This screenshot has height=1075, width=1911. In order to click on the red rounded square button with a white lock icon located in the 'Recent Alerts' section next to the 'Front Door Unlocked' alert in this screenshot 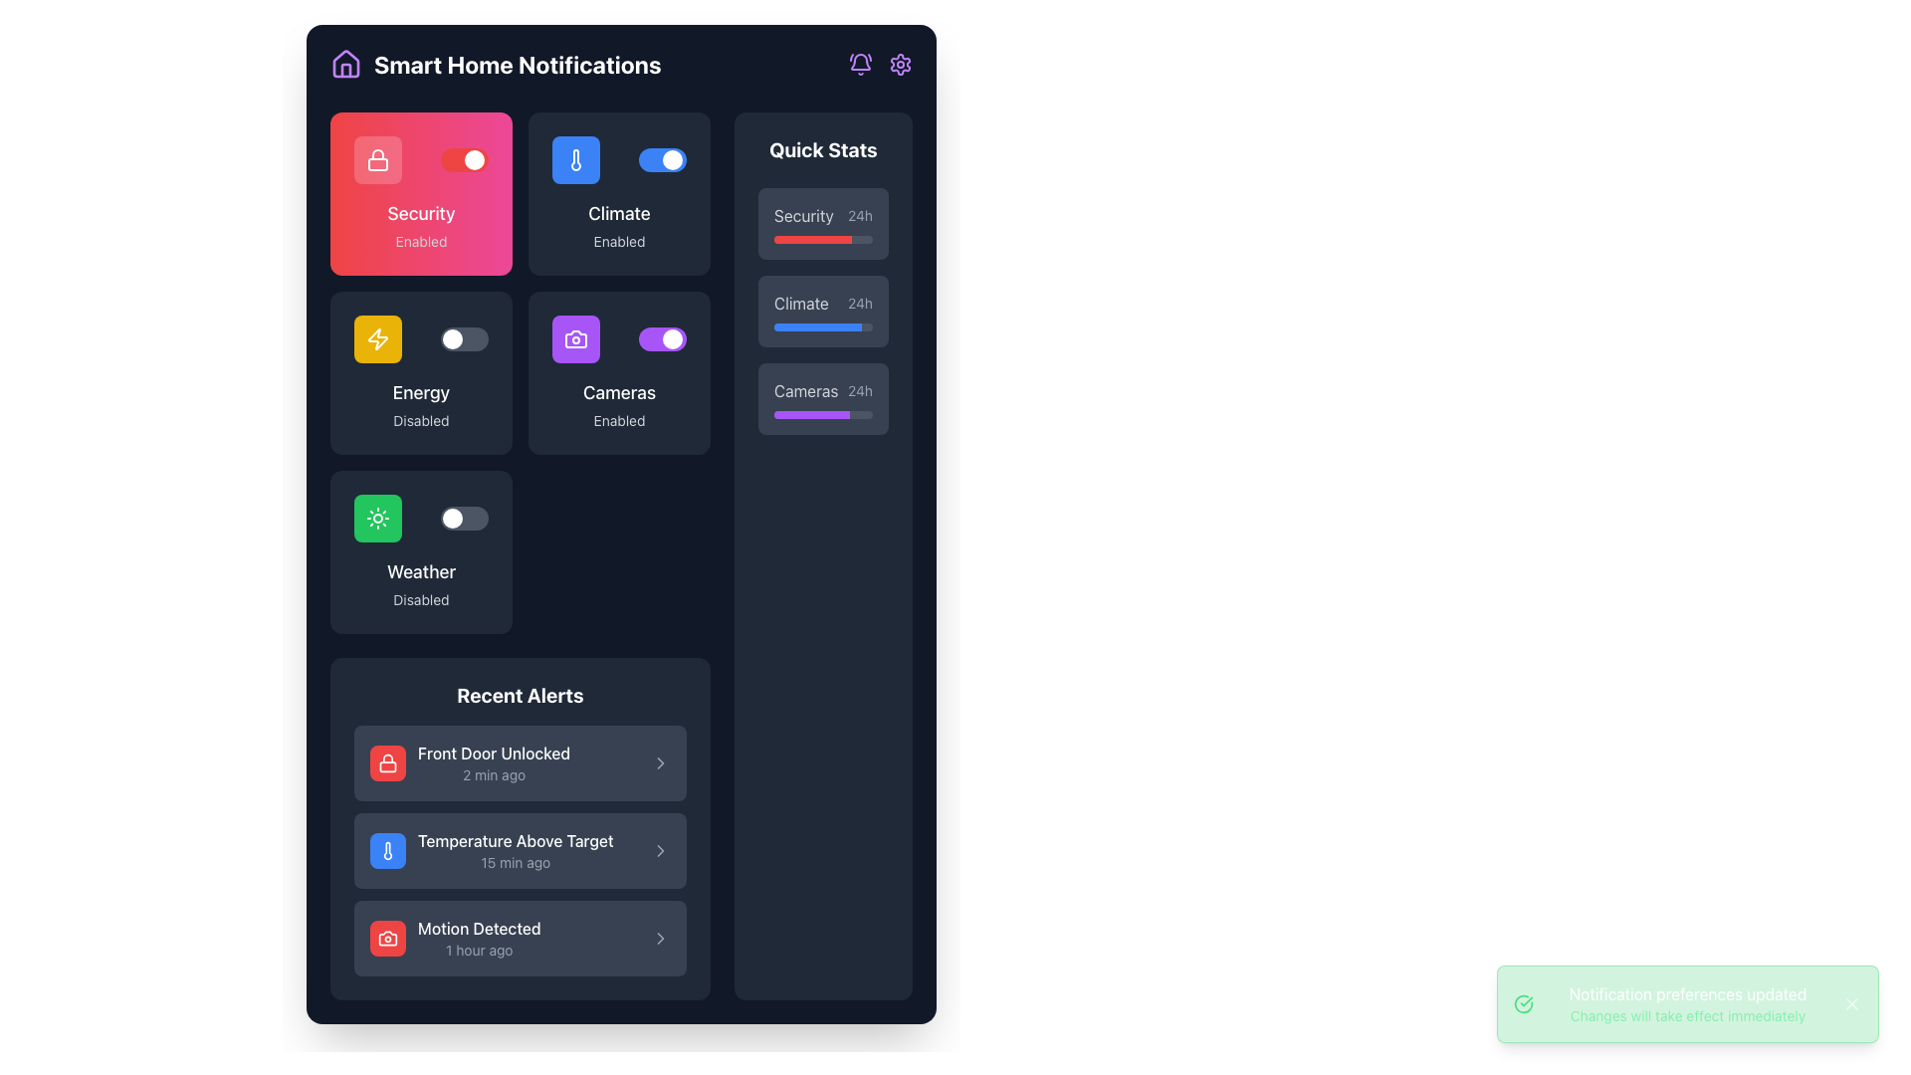, I will do `click(387, 762)`.